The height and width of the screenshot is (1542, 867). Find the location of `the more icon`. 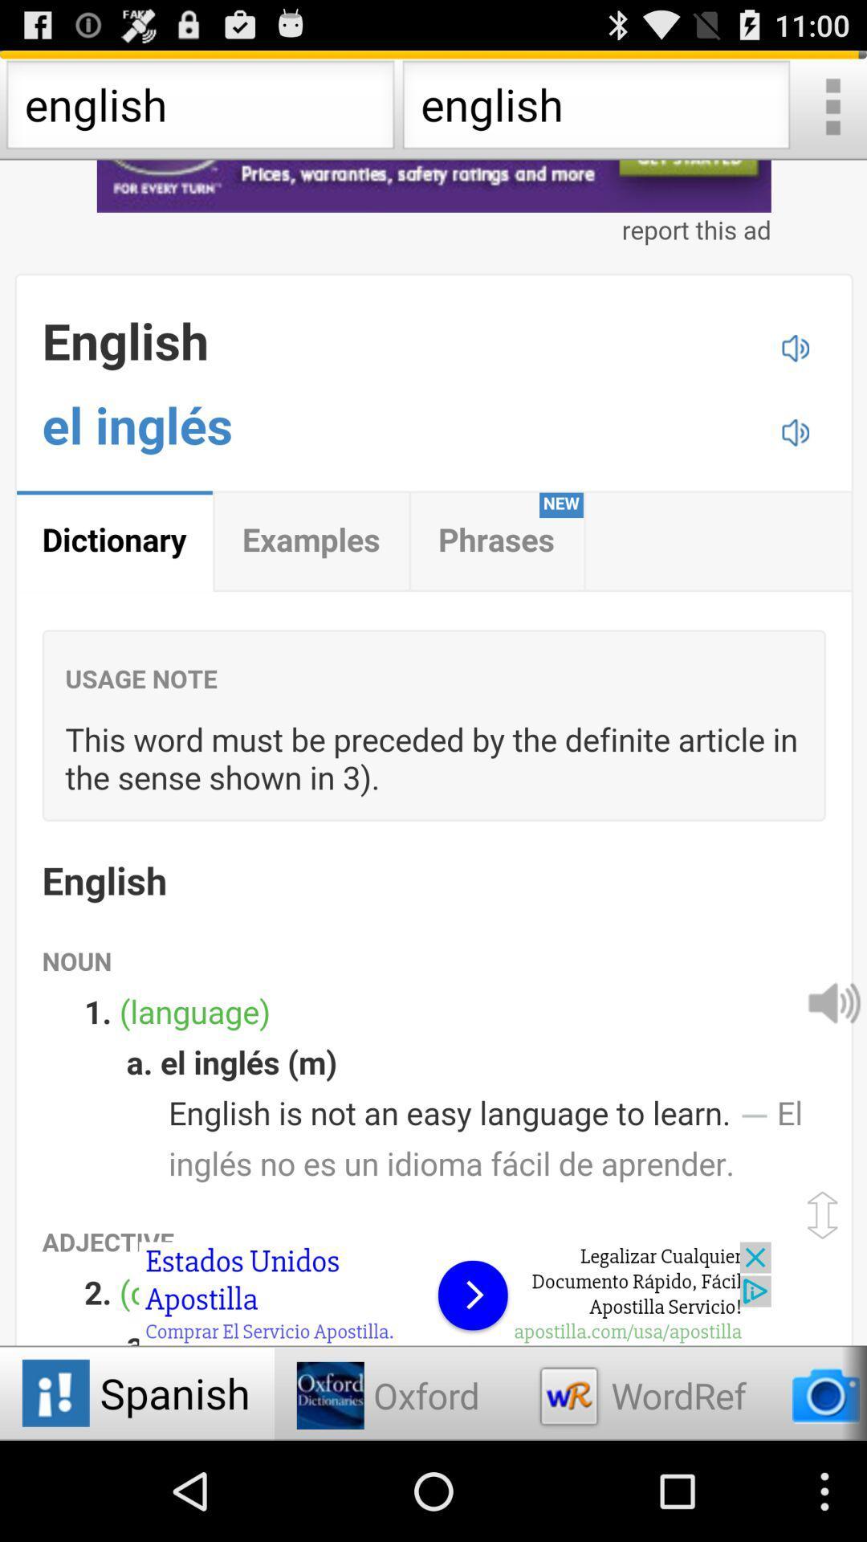

the more icon is located at coordinates (831, 116).